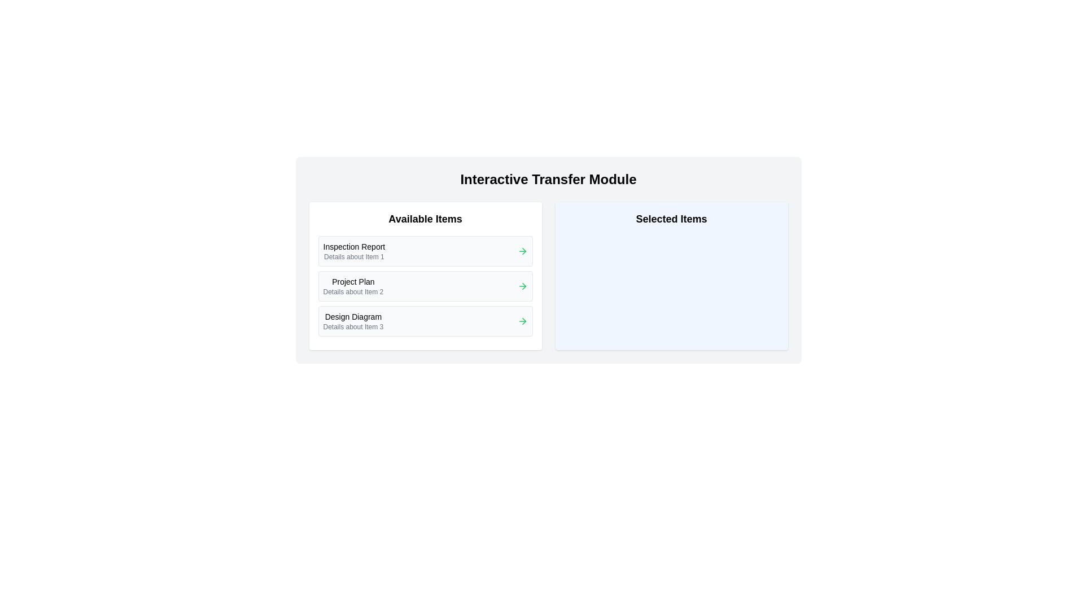 The width and height of the screenshot is (1084, 610). What do you see at coordinates (353, 257) in the screenshot?
I see `the text label reading 'Details about Item 1', which is styled in light gray and located beneath the 'Inspection Report' in the 'Available Items' section` at bounding box center [353, 257].